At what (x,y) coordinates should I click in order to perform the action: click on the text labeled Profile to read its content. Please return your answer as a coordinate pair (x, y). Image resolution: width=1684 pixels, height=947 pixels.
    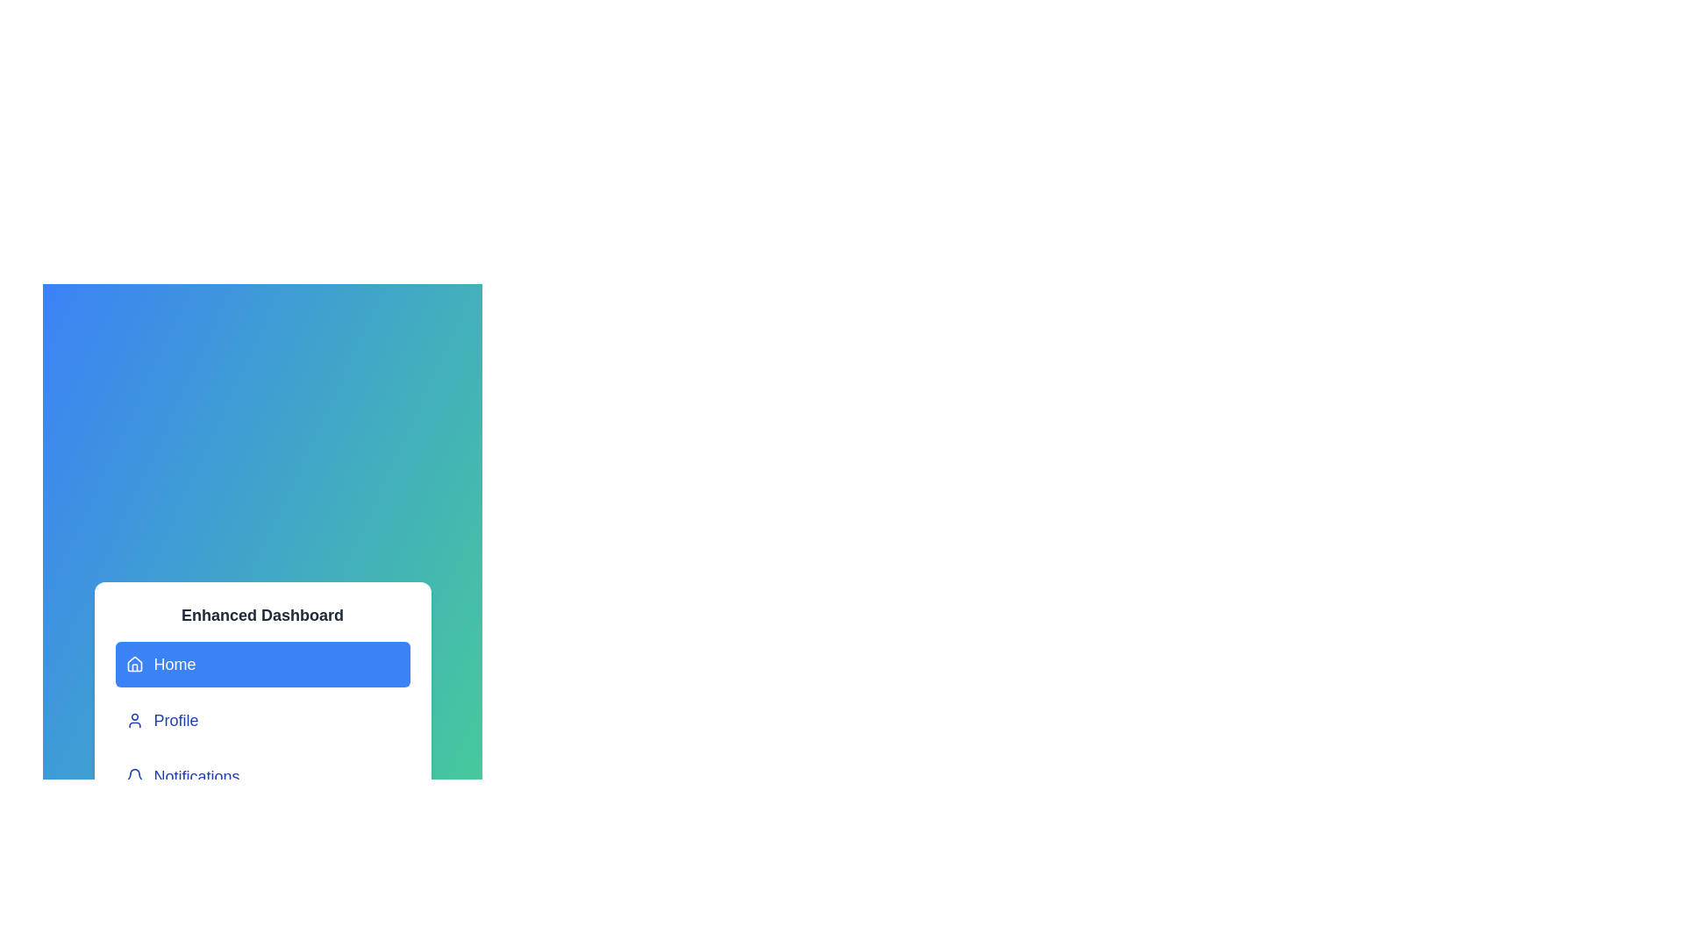
    Looking at the image, I should click on (261, 720).